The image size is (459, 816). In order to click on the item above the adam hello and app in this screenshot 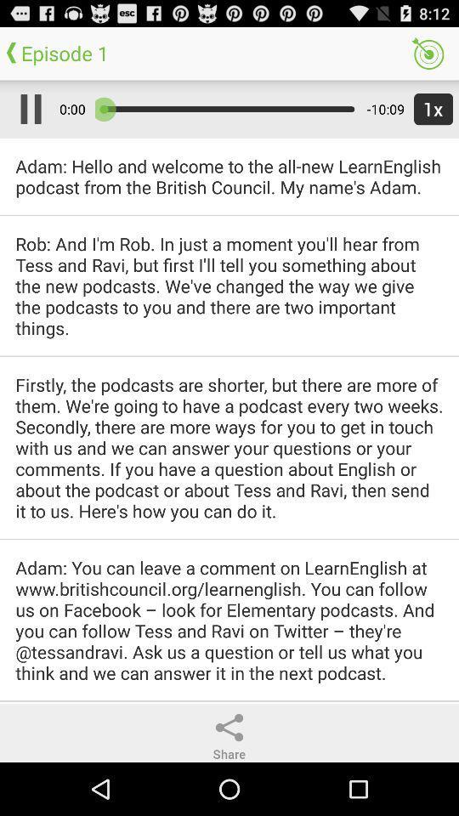, I will do `click(429, 108)`.